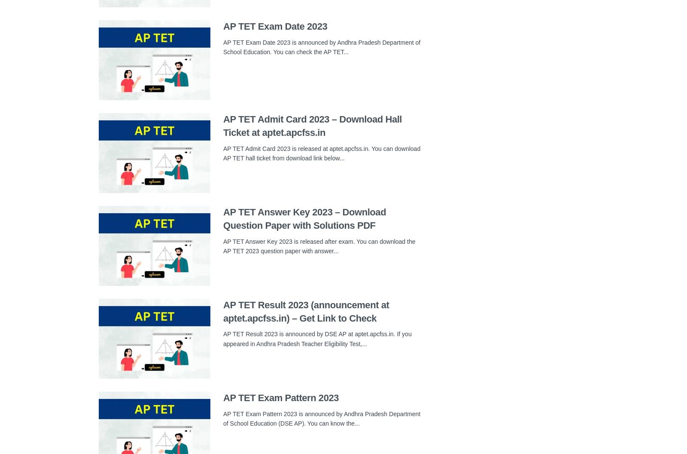 The width and height of the screenshot is (687, 454). Describe the element at coordinates (223, 397) in the screenshot. I see `'AP TET Exam Pattern 2023'` at that location.